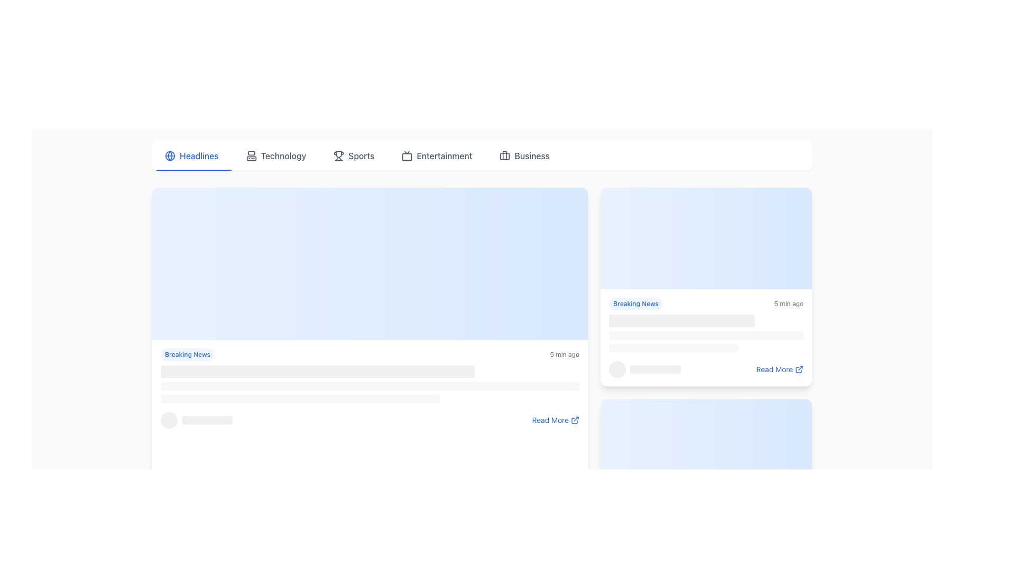 This screenshot has height=571, width=1015. Describe the element at coordinates (482, 155) in the screenshot. I see `the navigation bar` at that location.